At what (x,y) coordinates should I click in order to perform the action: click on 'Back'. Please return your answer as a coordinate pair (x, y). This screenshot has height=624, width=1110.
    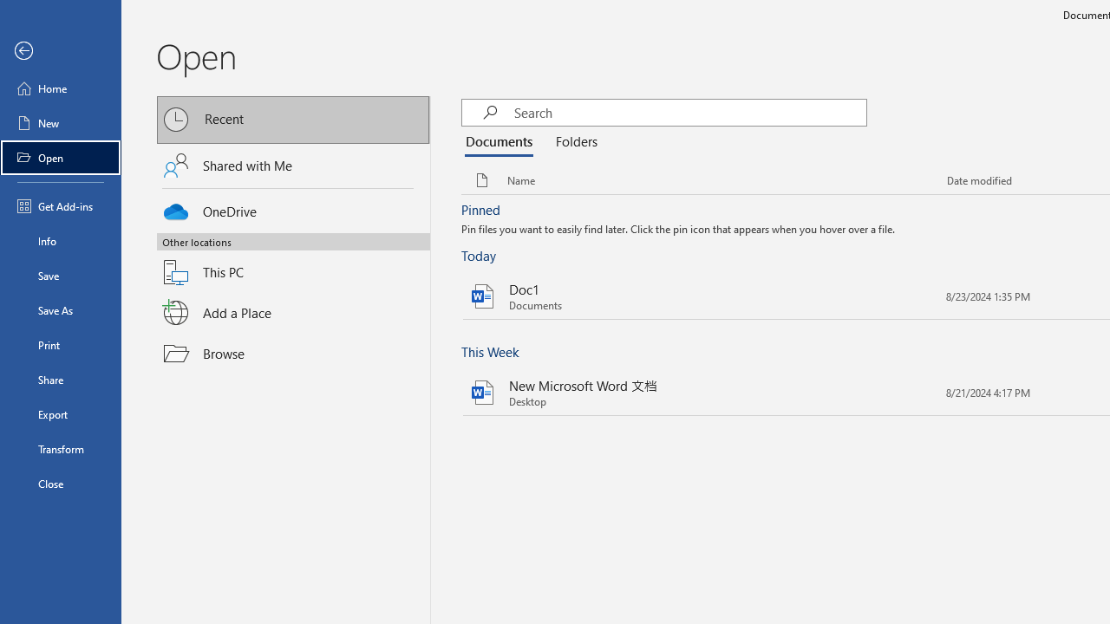
    Looking at the image, I should click on (60, 50).